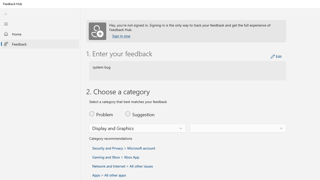 The width and height of the screenshot is (320, 180). Describe the element at coordinates (121, 36) in the screenshot. I see `'Sign in now'` at that location.